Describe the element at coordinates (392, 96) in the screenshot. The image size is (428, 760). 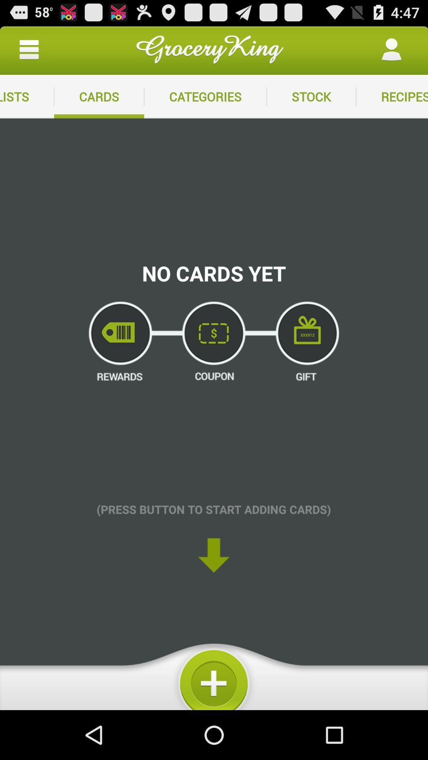
I see `the icon to the right of stock` at that location.